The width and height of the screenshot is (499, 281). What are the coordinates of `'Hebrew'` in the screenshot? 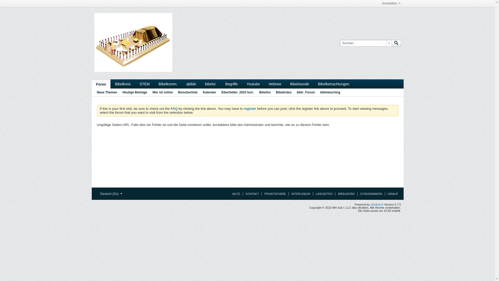 It's located at (264, 84).